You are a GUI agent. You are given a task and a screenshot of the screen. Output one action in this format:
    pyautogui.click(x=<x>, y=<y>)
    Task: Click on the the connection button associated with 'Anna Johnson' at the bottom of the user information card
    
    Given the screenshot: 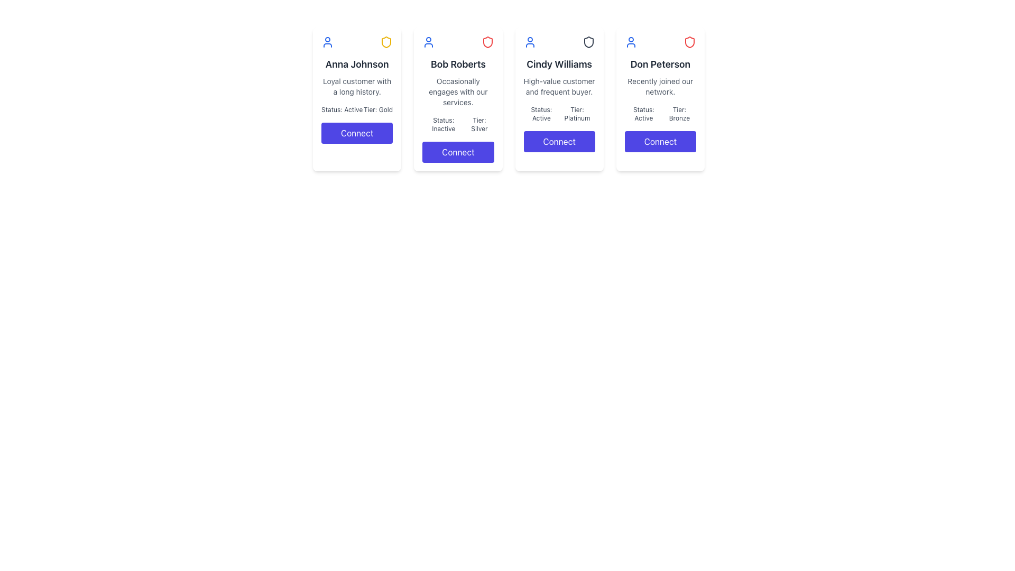 What is the action you would take?
    pyautogui.click(x=357, y=132)
    